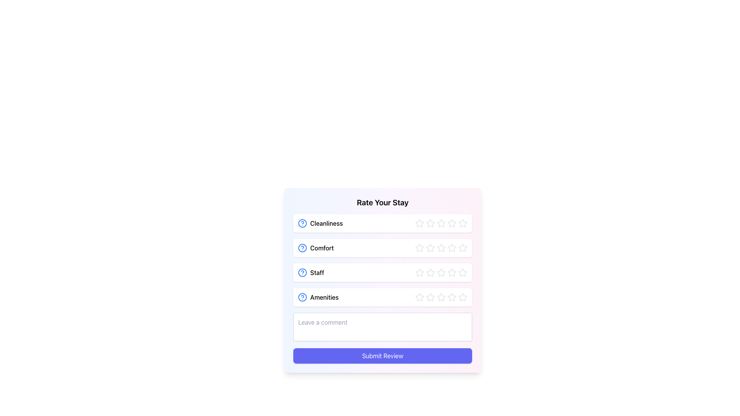 Image resolution: width=740 pixels, height=416 pixels. I want to click on the text label displaying 'Amenities', which is located to the right of a circular question mark icon in the fourth row of a vertically aligned list, so click(324, 297).